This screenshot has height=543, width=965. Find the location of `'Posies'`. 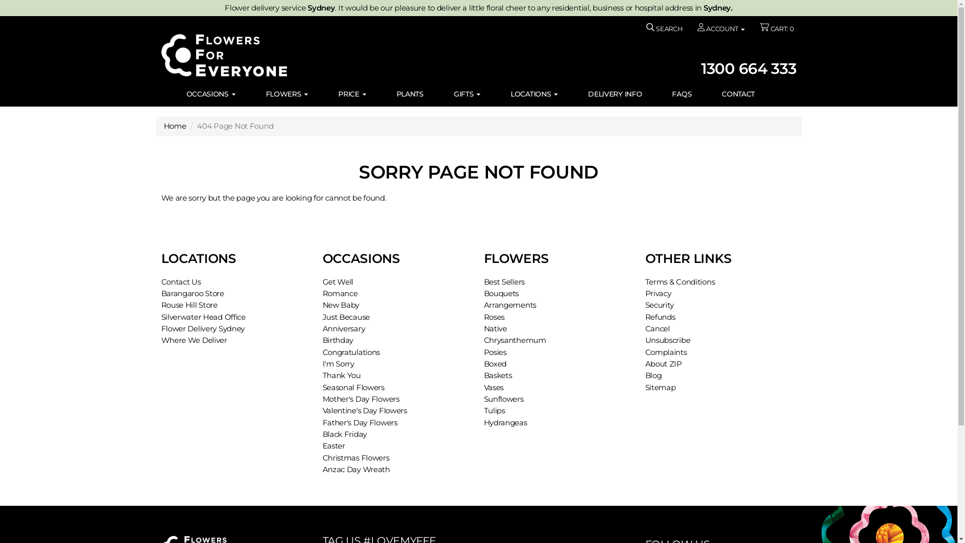

'Posies' is located at coordinates (495, 352).